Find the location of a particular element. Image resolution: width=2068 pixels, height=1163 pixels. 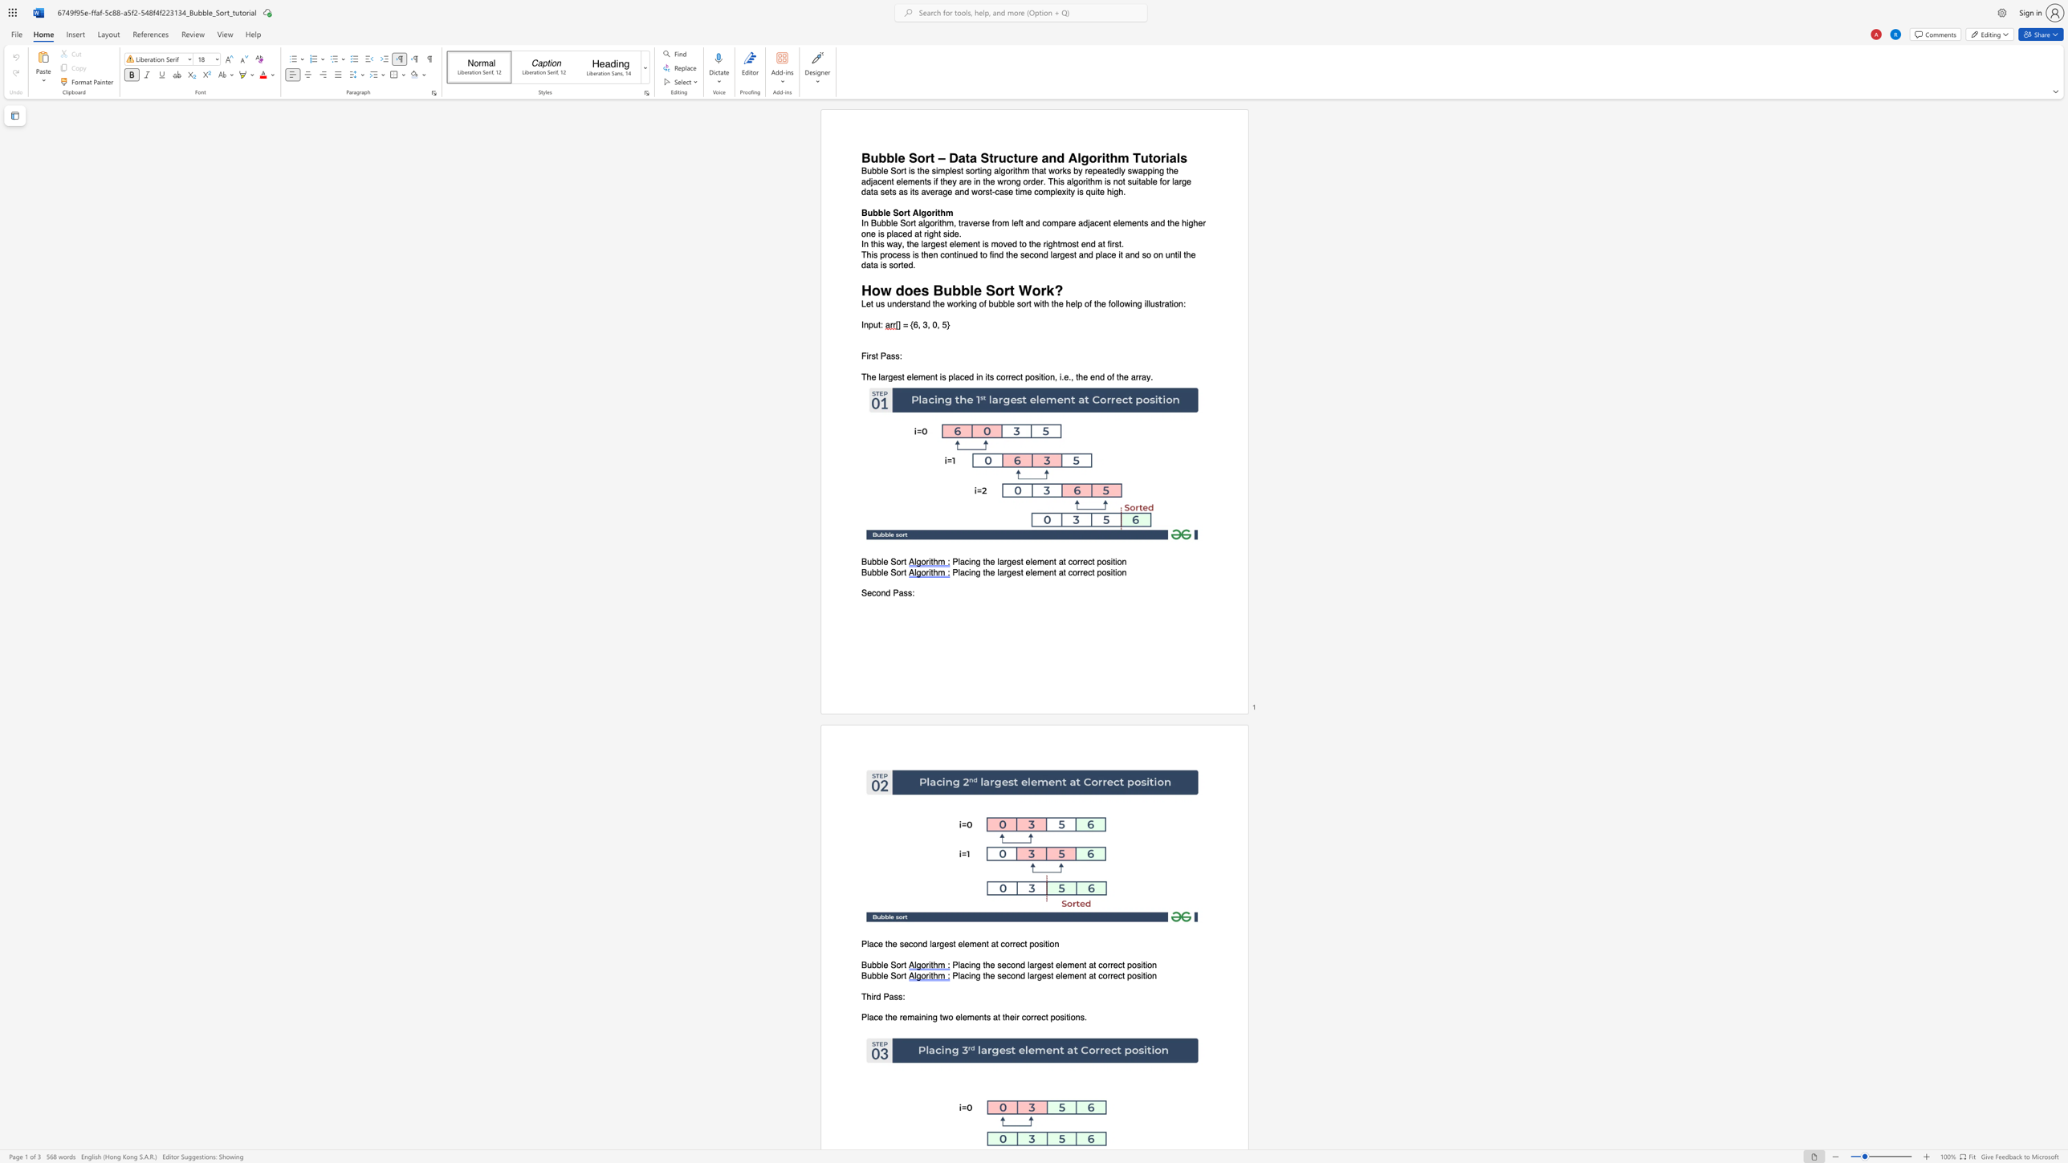

the subset text "st element at c" within the text "Placing the largest element at correct position" is located at coordinates (1016, 562).